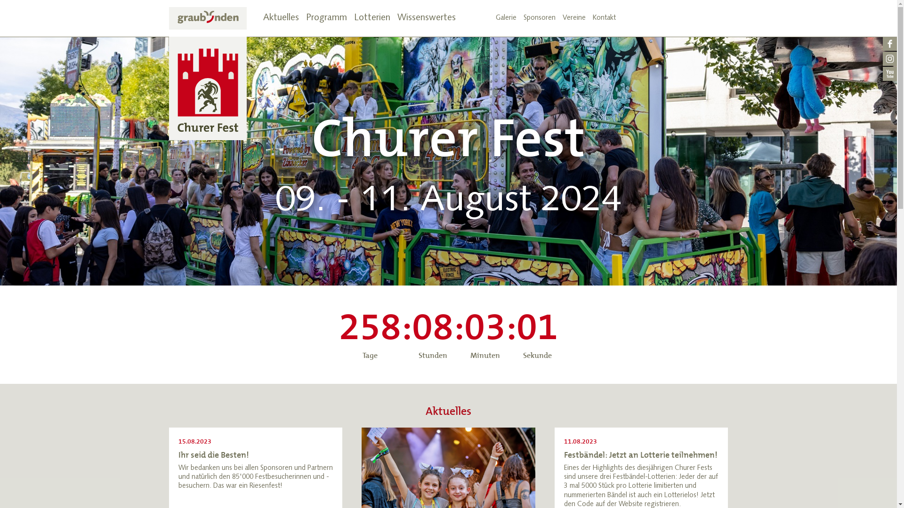 The image size is (904, 508). What do you see at coordinates (280, 18) in the screenshot?
I see `'Aktuelles'` at bounding box center [280, 18].